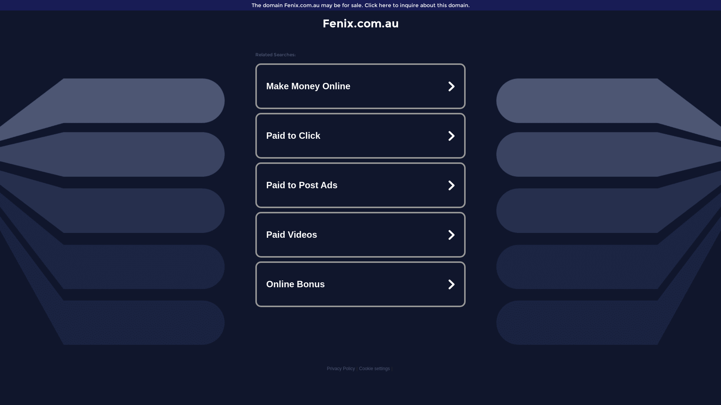 This screenshot has width=721, height=405. What do you see at coordinates (360, 234) in the screenshot?
I see `'Paid Videos'` at bounding box center [360, 234].